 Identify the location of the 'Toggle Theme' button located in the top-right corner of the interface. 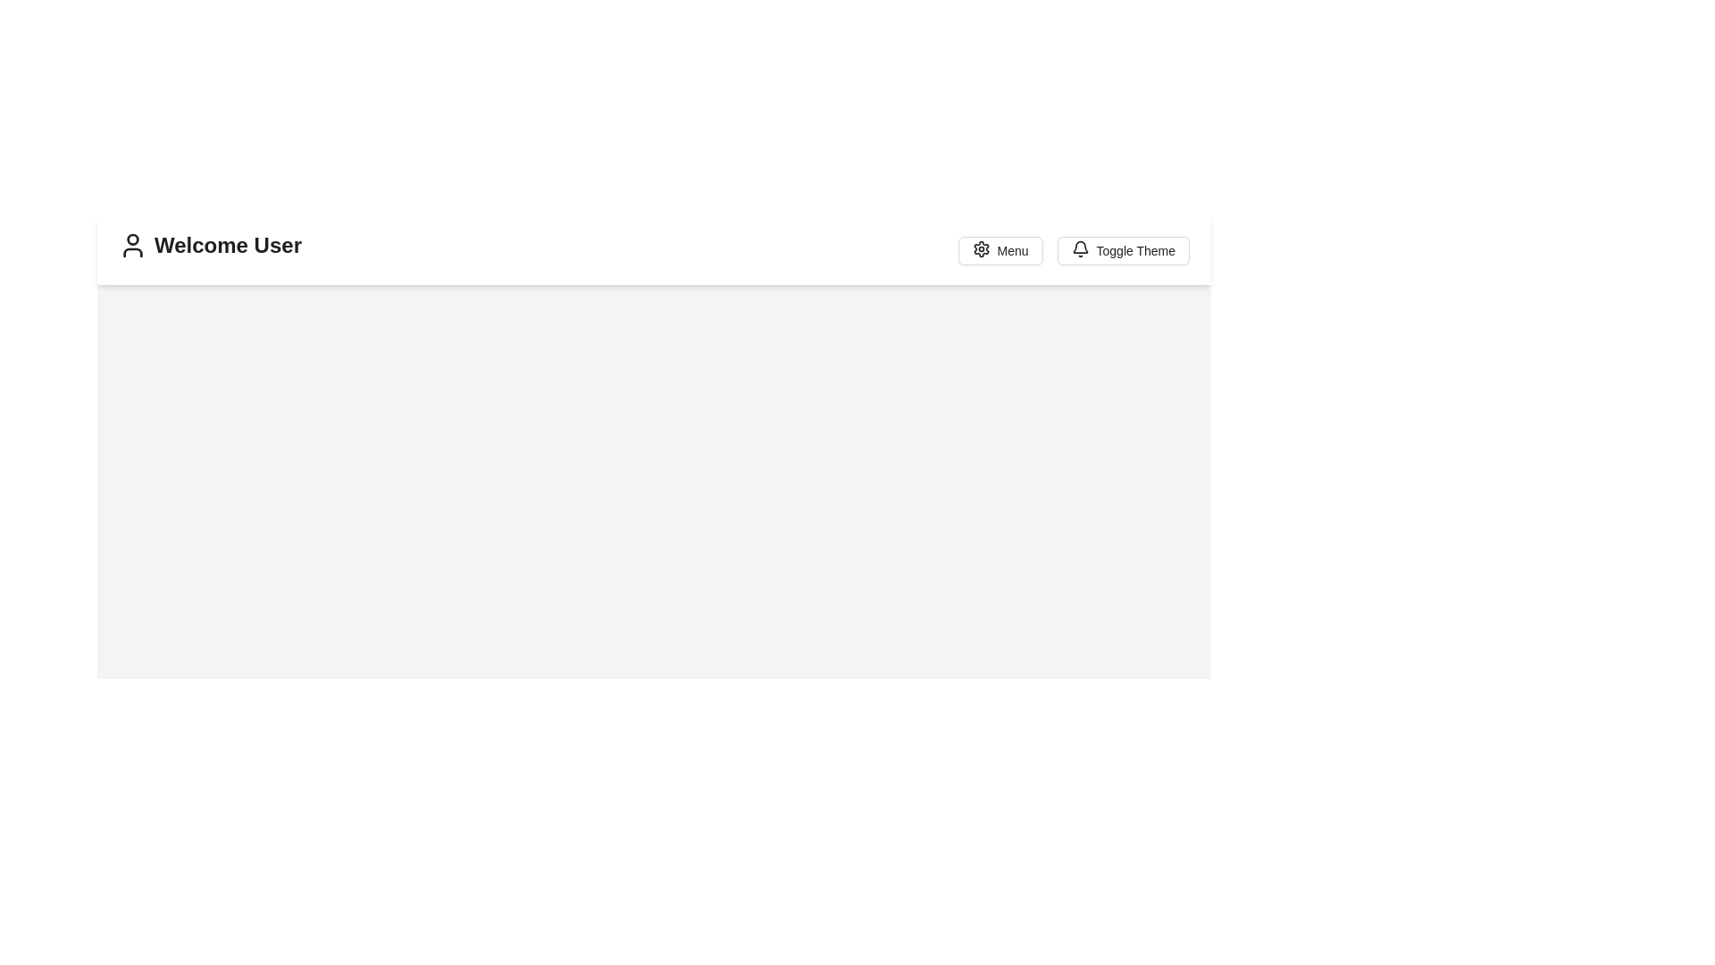
(1122, 251).